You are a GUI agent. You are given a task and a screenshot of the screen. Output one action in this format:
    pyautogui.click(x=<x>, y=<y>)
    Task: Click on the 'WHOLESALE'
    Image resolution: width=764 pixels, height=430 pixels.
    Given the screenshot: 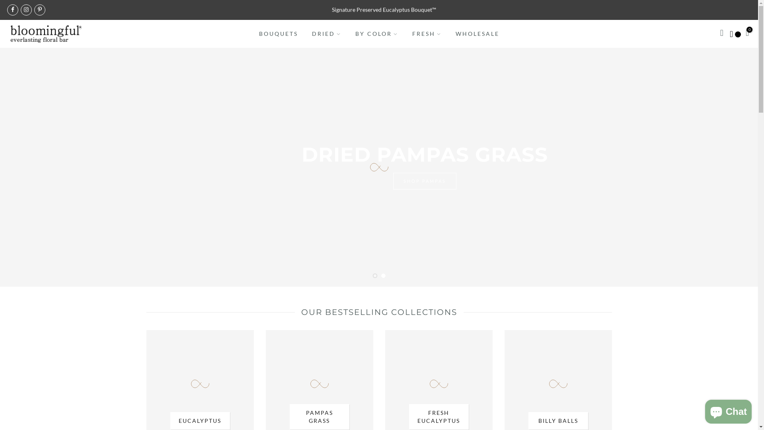 What is the action you would take?
    pyautogui.click(x=477, y=33)
    